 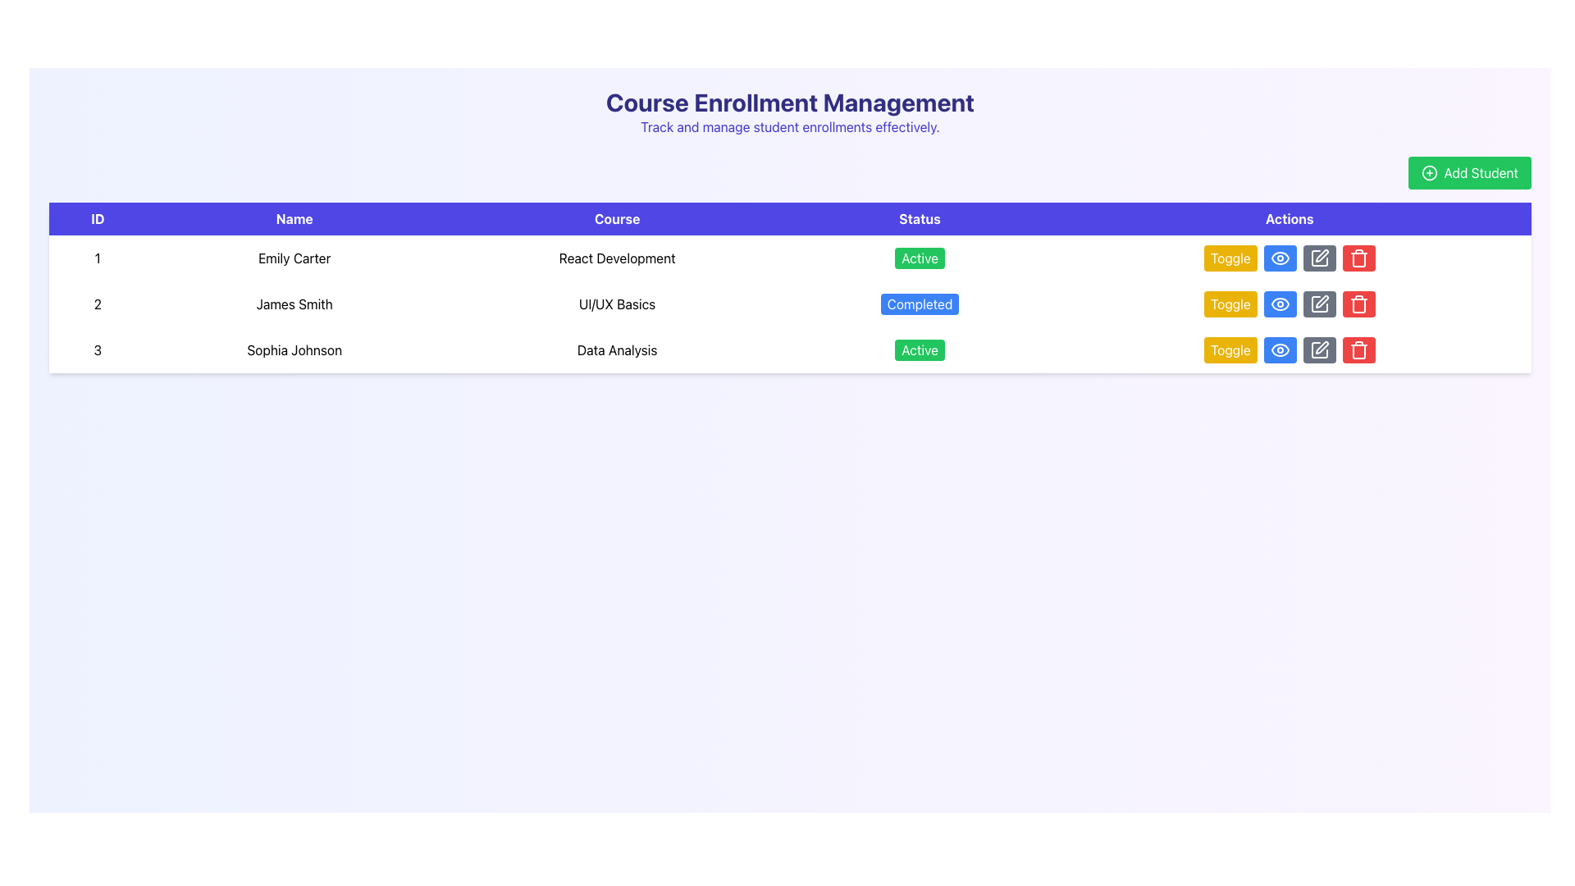 I want to click on the 'Completed' status indicator label in the 'Status' column of the 'UI/UX Basics' course row, so click(x=920, y=304).